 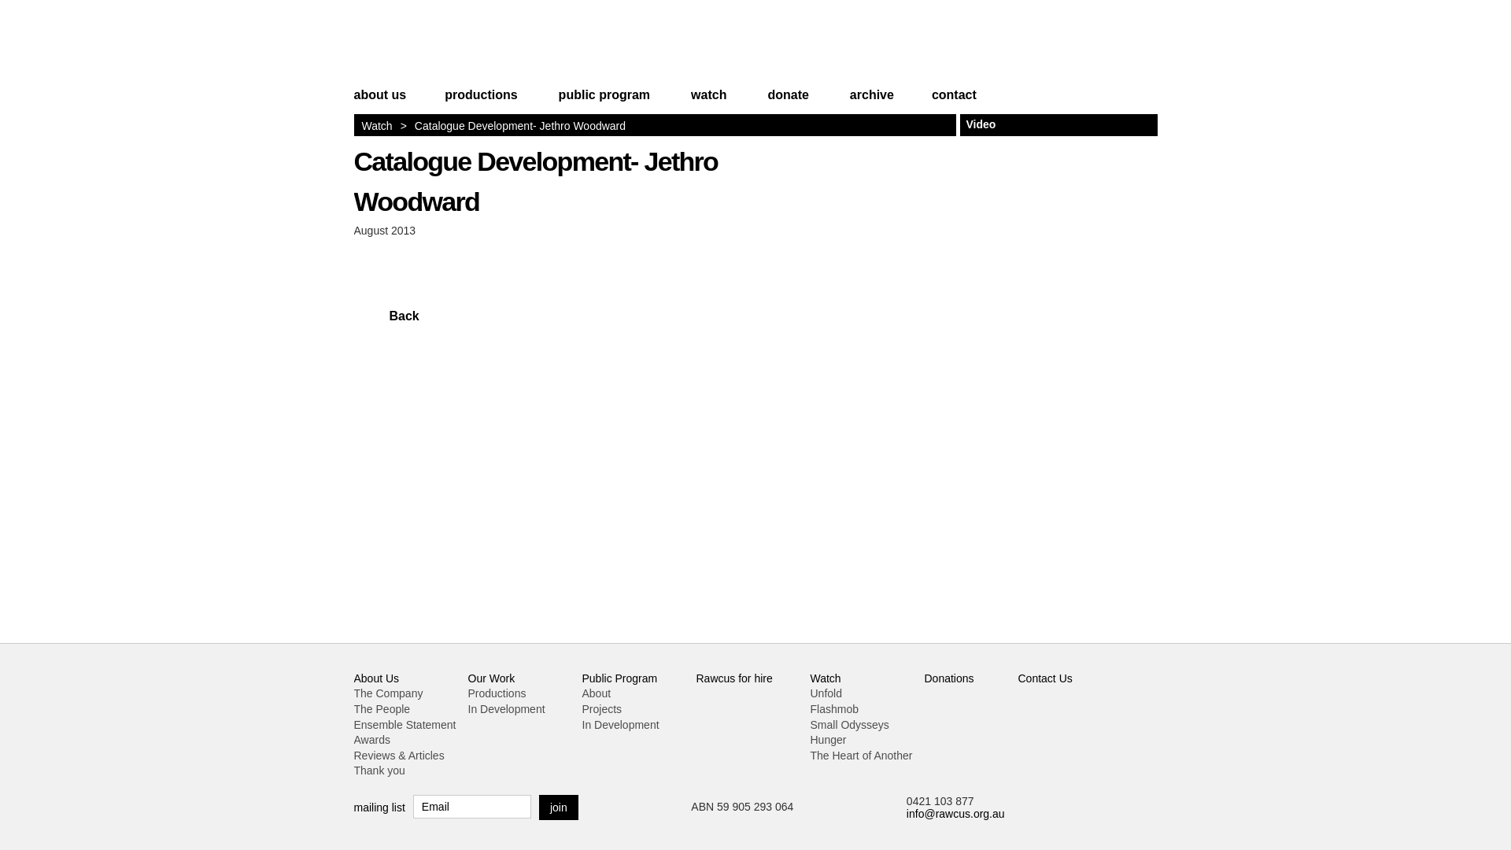 What do you see at coordinates (860, 755) in the screenshot?
I see `'The Heart of Another'` at bounding box center [860, 755].